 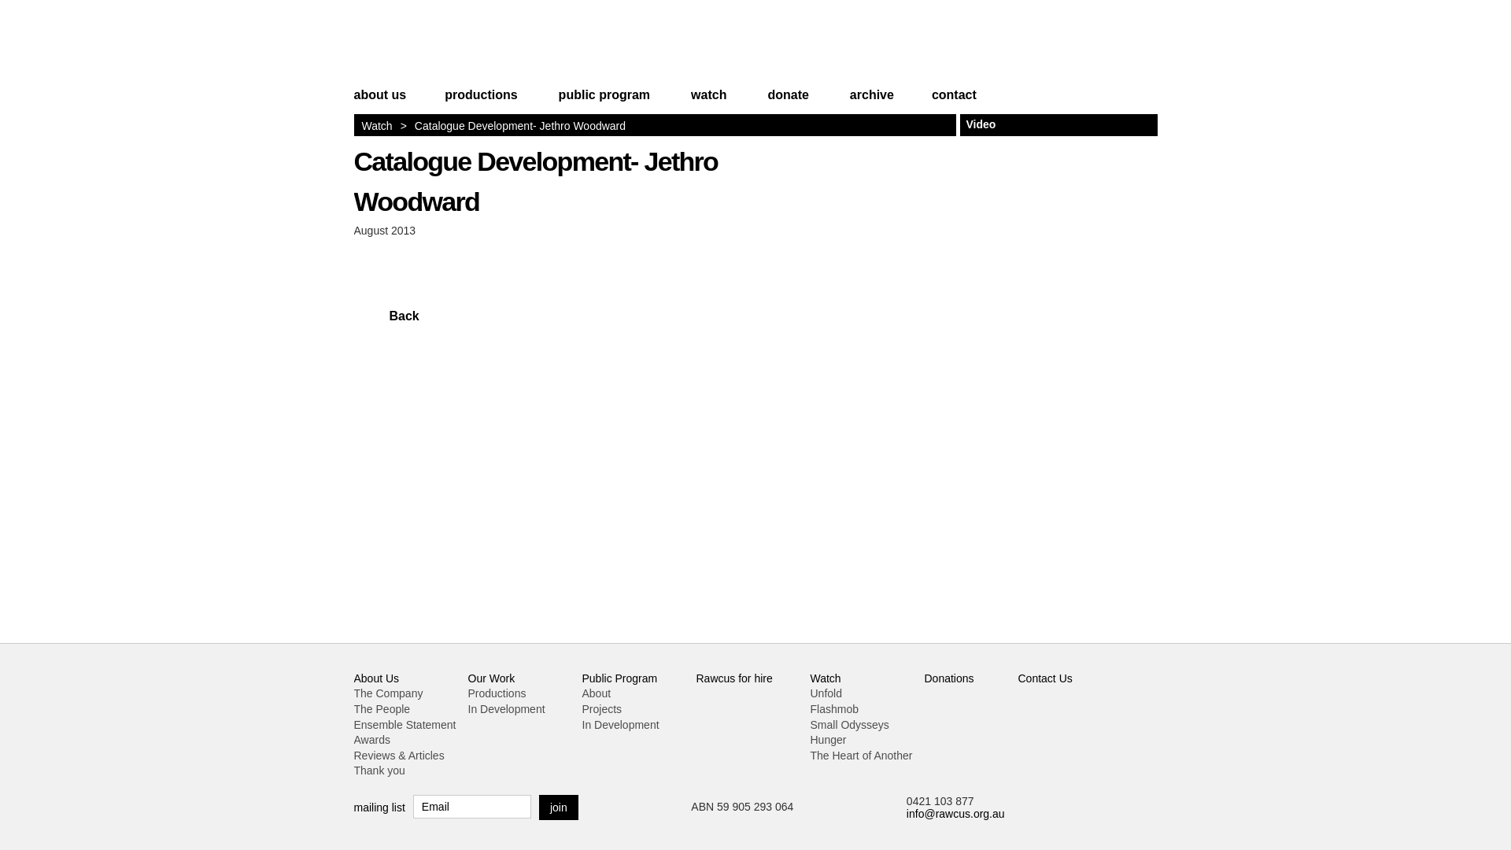 What do you see at coordinates (860, 755) in the screenshot?
I see `'The Heart of Another'` at bounding box center [860, 755].